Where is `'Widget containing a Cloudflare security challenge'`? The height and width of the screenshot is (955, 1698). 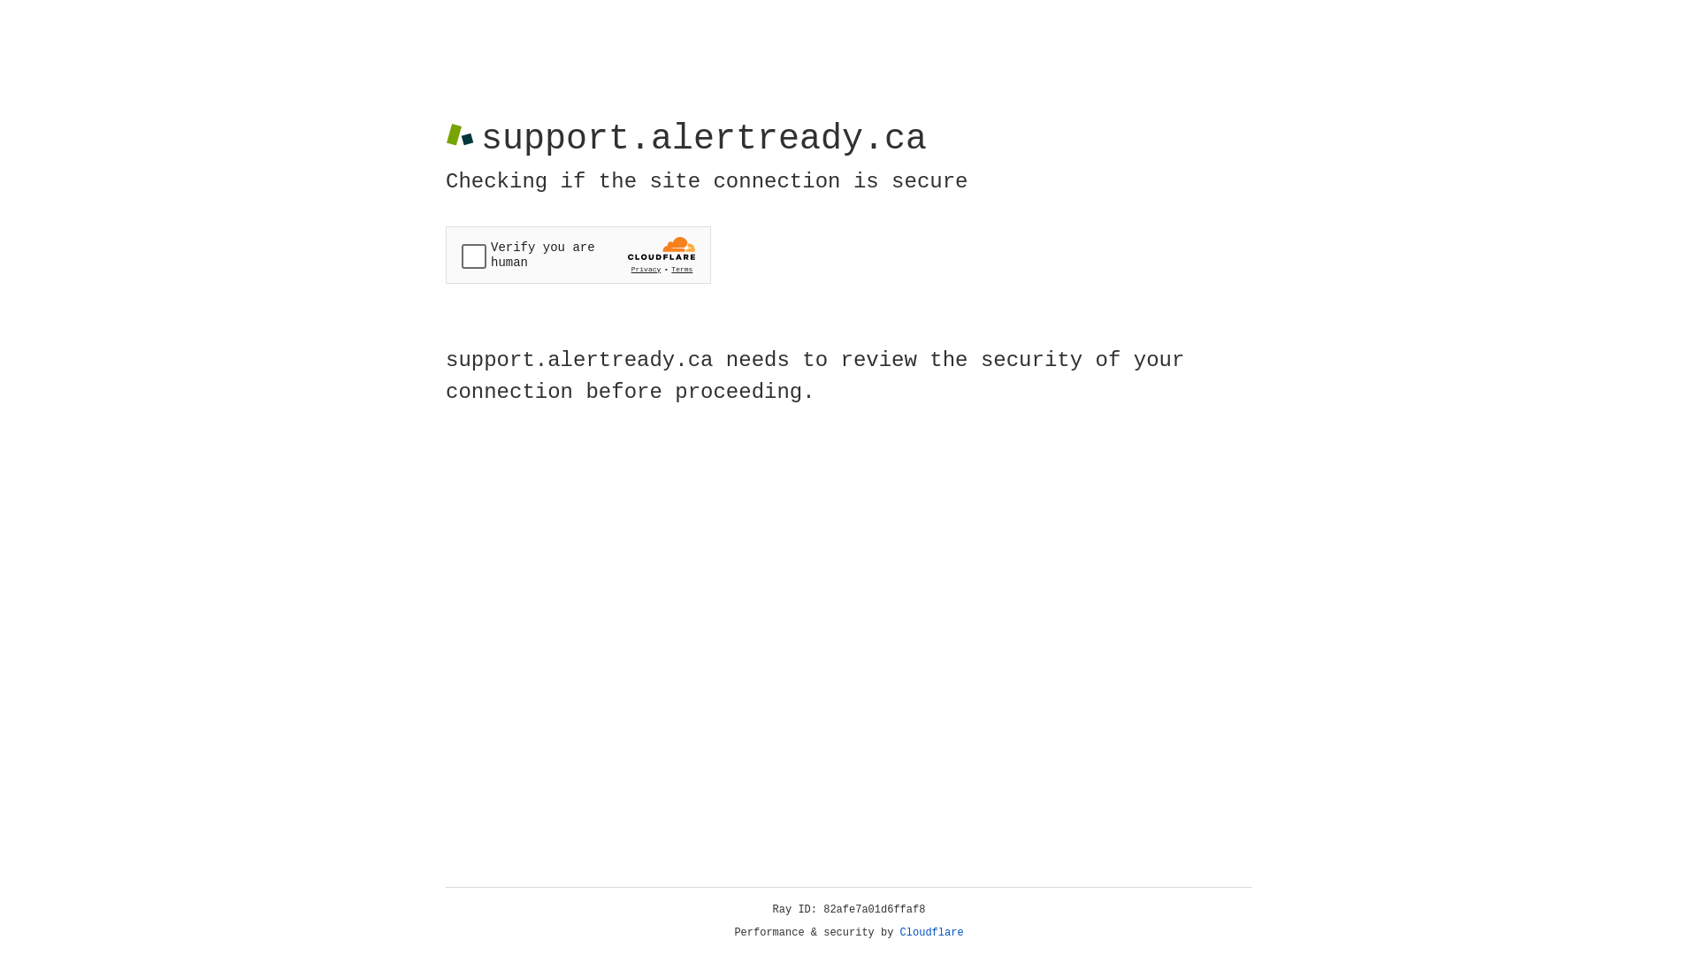
'Widget containing a Cloudflare security challenge' is located at coordinates (577, 255).